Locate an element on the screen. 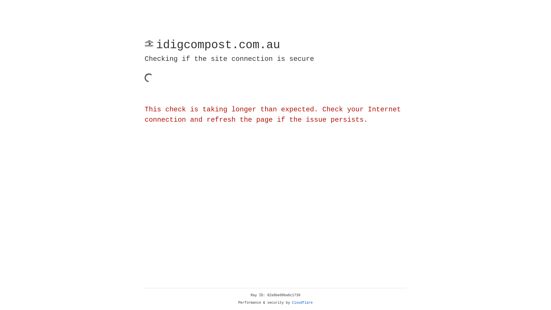 The height and width of the screenshot is (310, 551). 'Cloudflare' is located at coordinates (302, 303).